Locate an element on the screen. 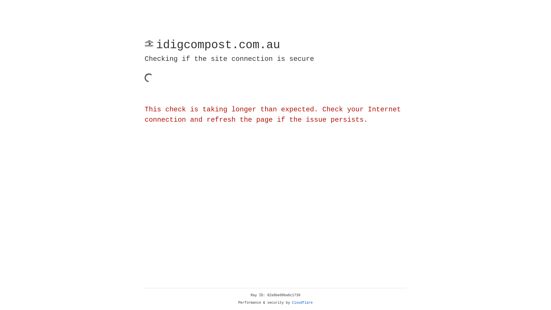 The height and width of the screenshot is (310, 551). 'Cloudflare' is located at coordinates (302, 303).